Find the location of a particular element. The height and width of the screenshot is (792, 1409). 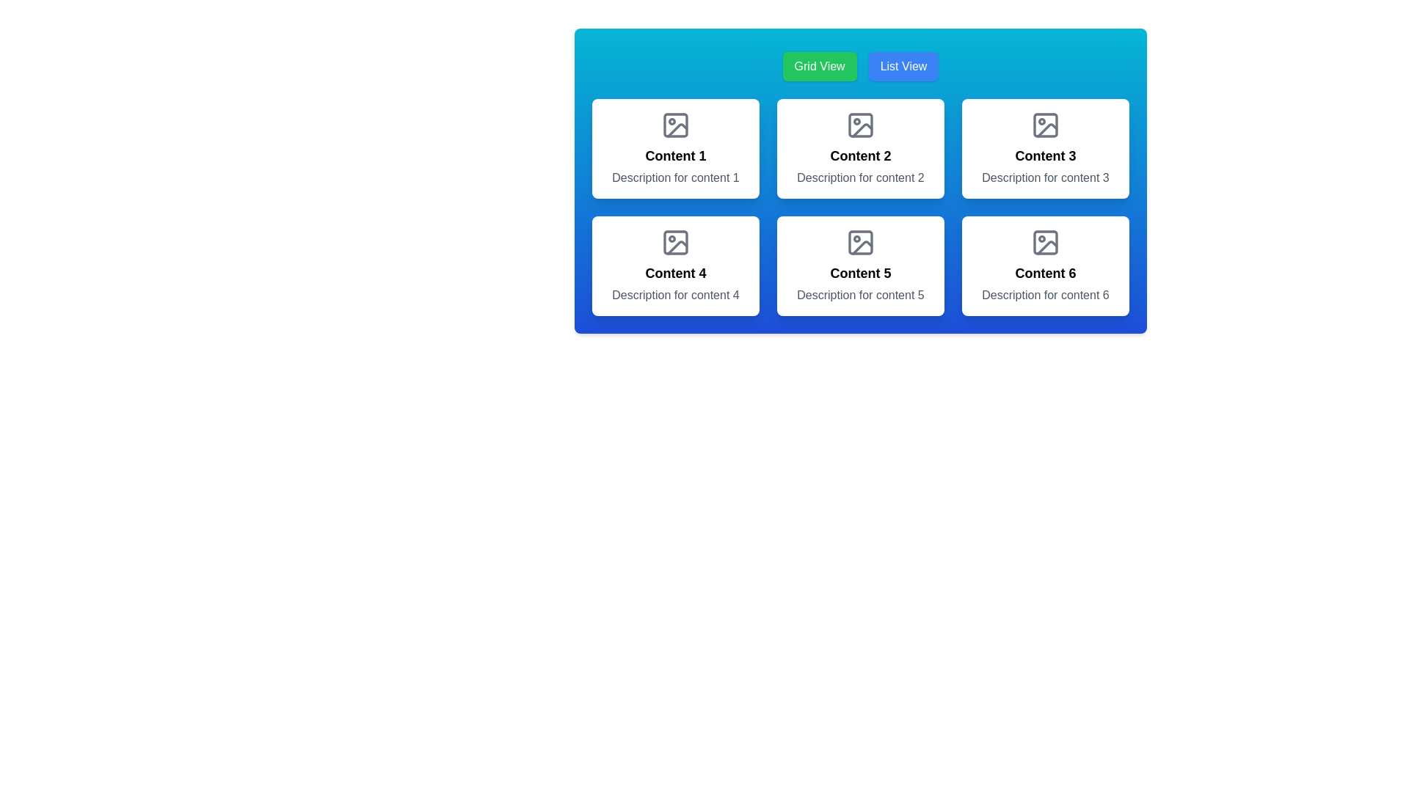

the Card element located in the top-right corner of a 3x2 grid layout is located at coordinates (1045, 149).